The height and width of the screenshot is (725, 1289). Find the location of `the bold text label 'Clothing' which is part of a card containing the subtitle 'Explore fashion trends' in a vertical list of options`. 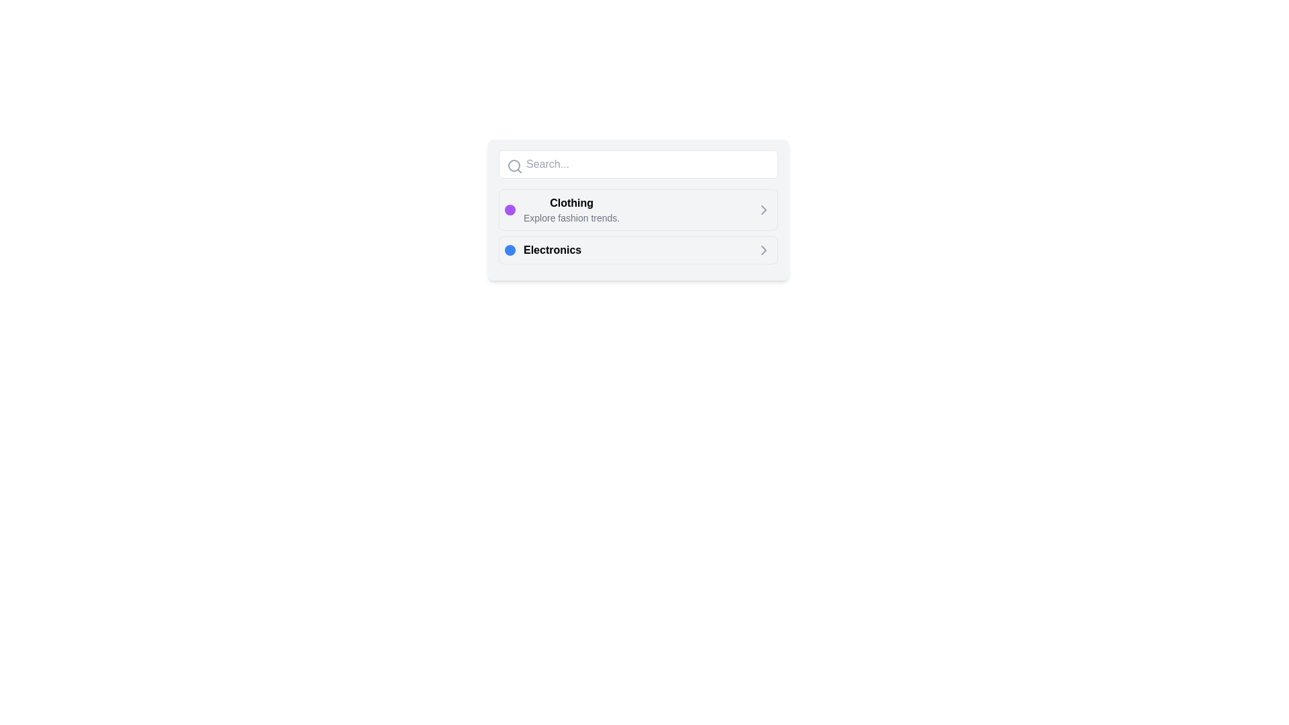

the bold text label 'Clothing' which is part of a card containing the subtitle 'Explore fashion trends' in a vertical list of options is located at coordinates (571, 203).